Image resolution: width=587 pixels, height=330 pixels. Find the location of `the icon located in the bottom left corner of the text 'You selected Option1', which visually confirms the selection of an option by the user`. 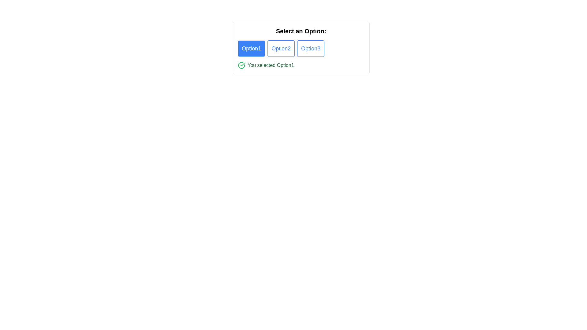

the icon located in the bottom left corner of the text 'You selected Option1', which visually confirms the selection of an option by the user is located at coordinates (242, 64).